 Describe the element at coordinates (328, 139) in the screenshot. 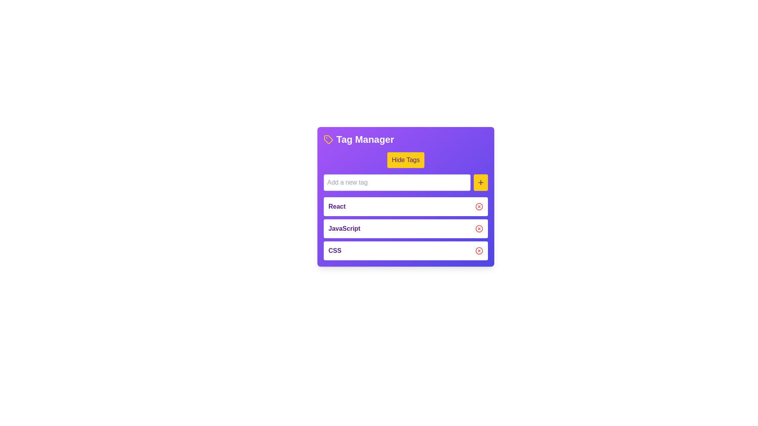

I see `the 'Tag Manager' icon, which is positioned to the left of the text 'Tag Manager' at the top of the component` at that location.